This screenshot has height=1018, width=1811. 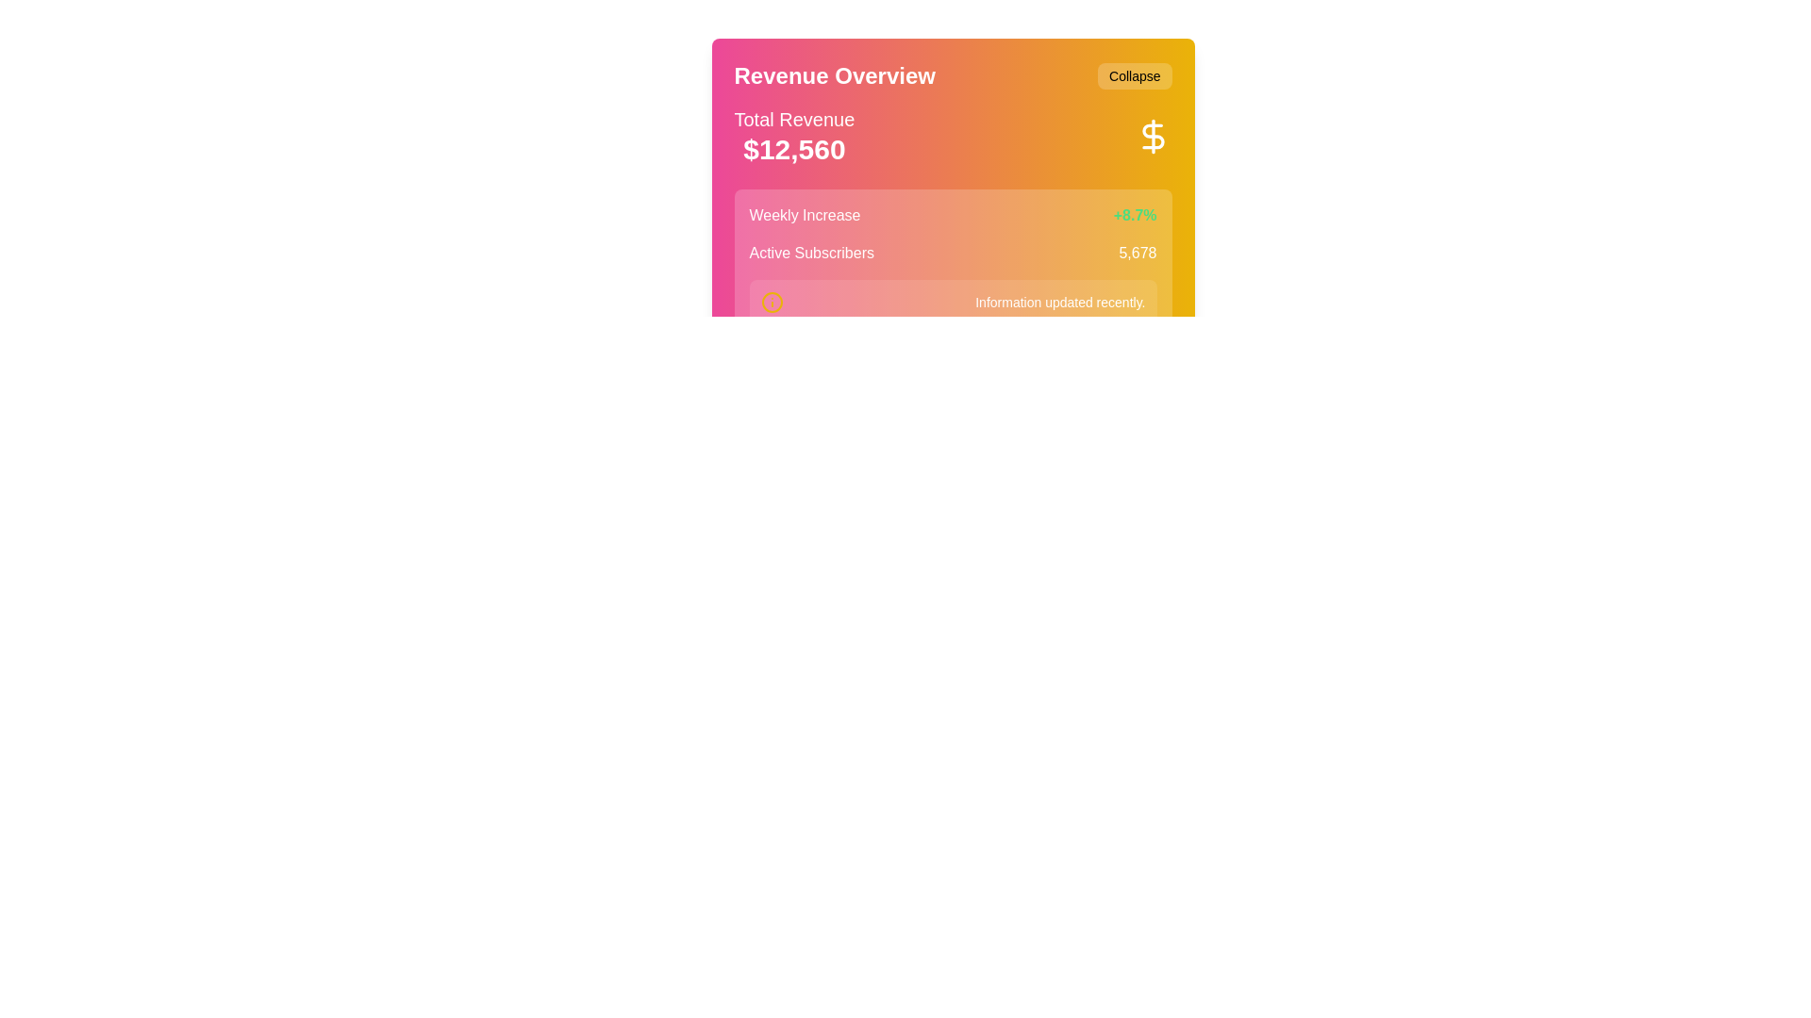 I want to click on the text label that displays 'Information updated recently.', so click(x=1060, y=301).